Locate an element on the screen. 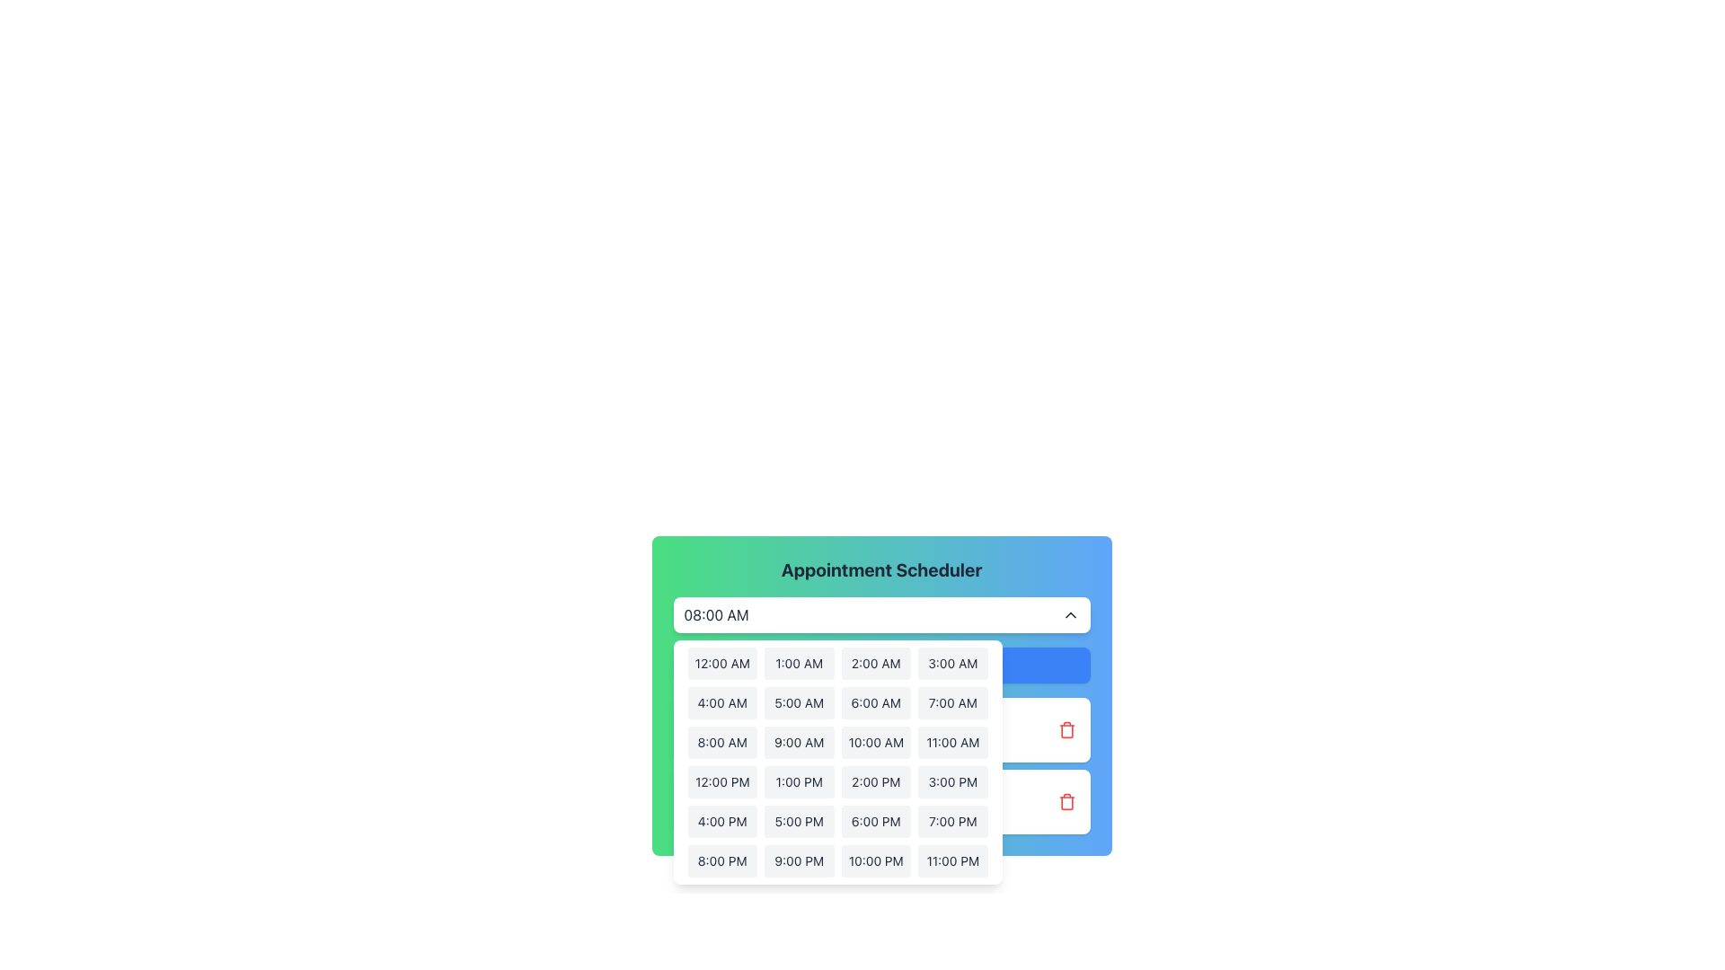 This screenshot has height=970, width=1725. the button is located at coordinates (798, 664).